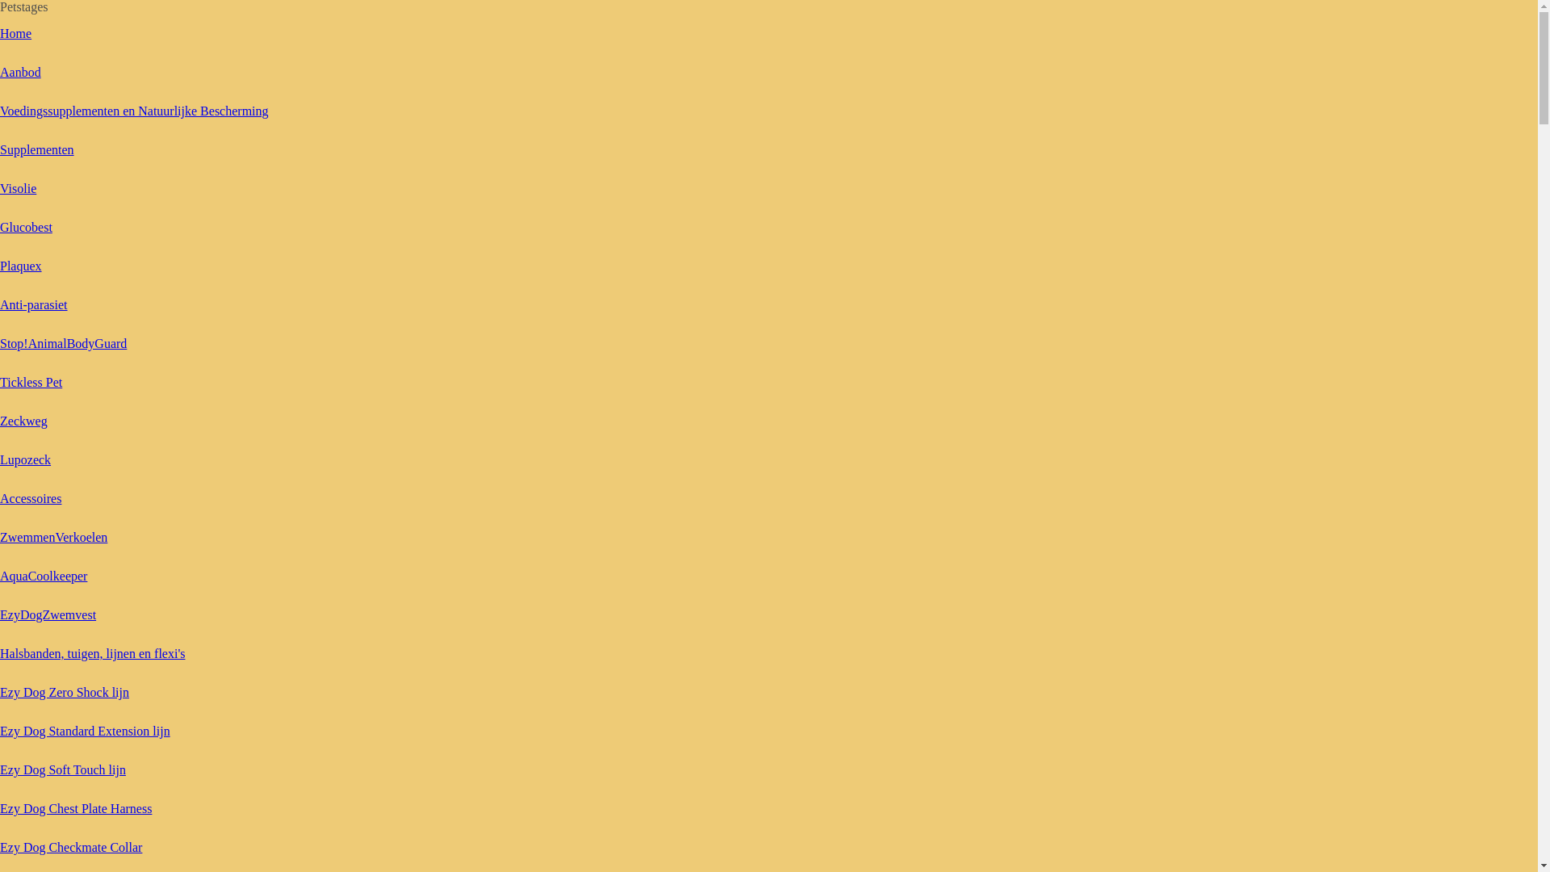 The width and height of the screenshot is (1550, 872). Describe the element at coordinates (92, 652) in the screenshot. I see `'Halsbanden, tuigen, lijnen en flexi's'` at that location.